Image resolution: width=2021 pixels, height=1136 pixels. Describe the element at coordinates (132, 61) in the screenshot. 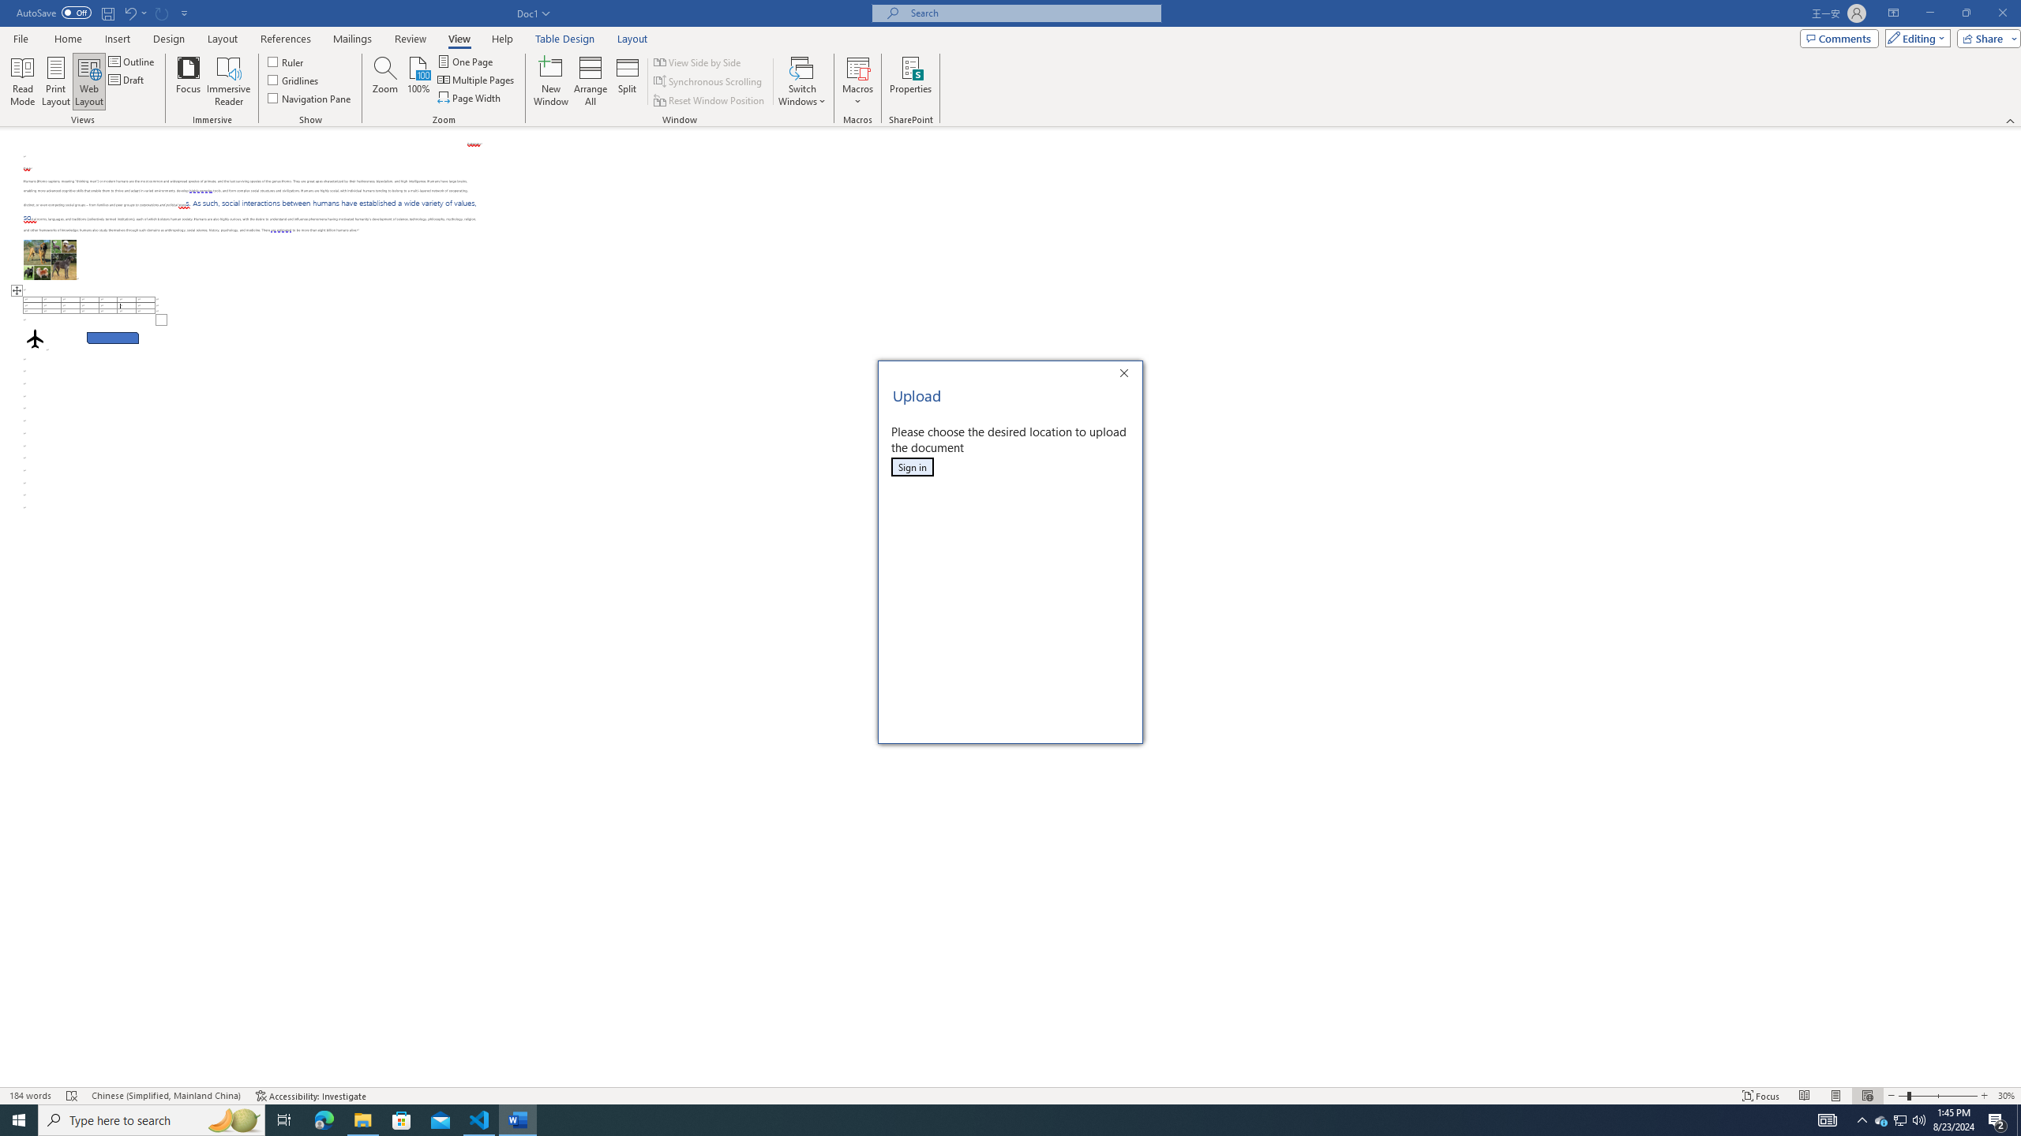

I see `'Outline'` at that location.